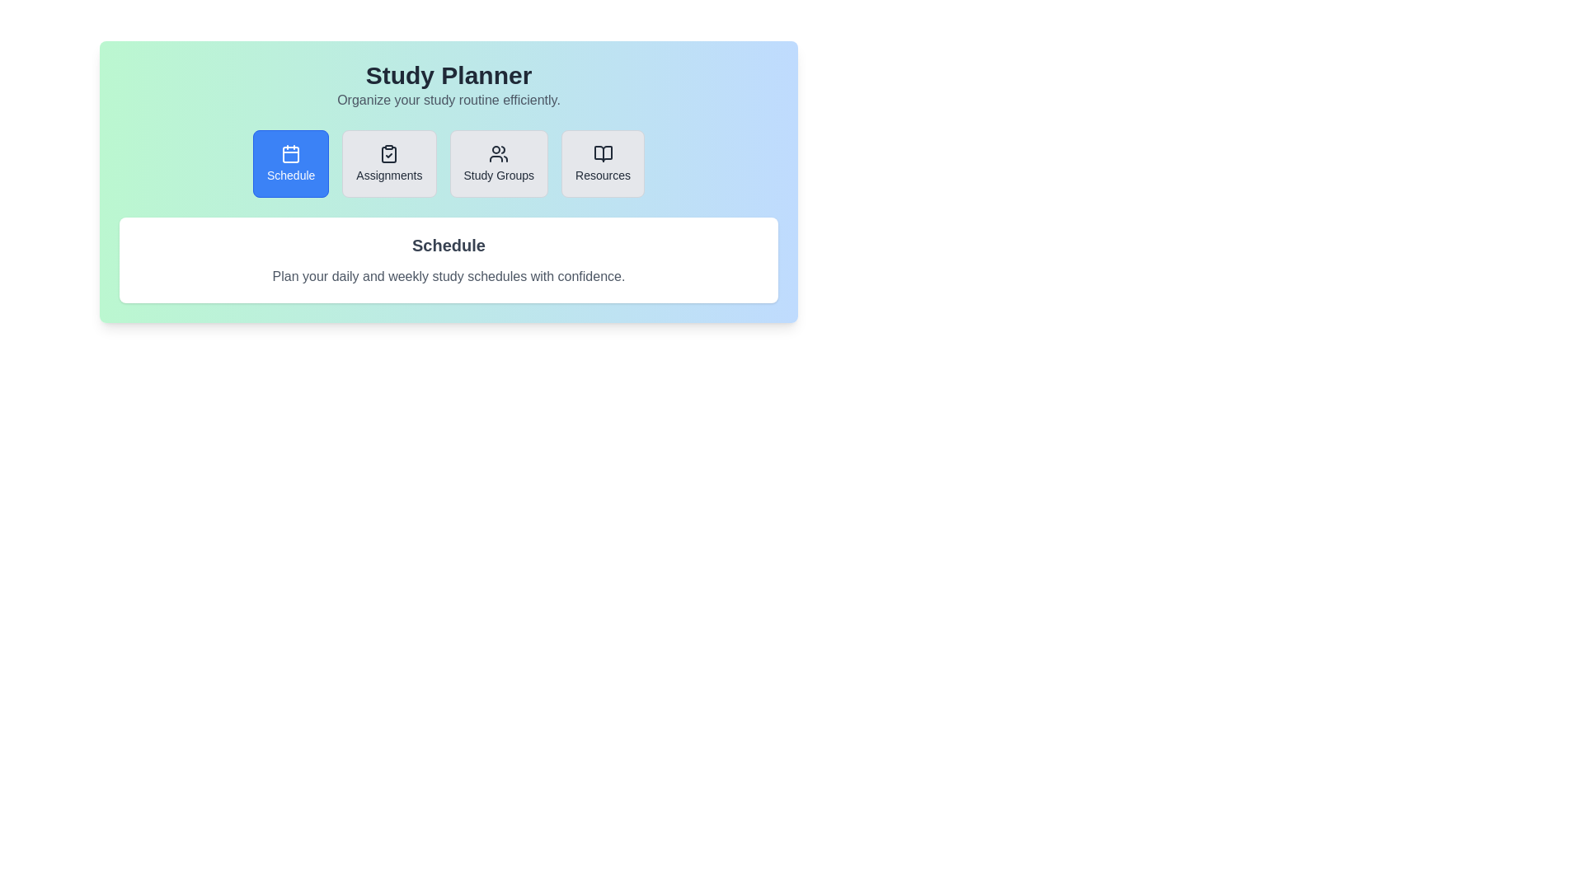  What do you see at coordinates (291, 164) in the screenshot?
I see `the tab titled Schedule` at bounding box center [291, 164].